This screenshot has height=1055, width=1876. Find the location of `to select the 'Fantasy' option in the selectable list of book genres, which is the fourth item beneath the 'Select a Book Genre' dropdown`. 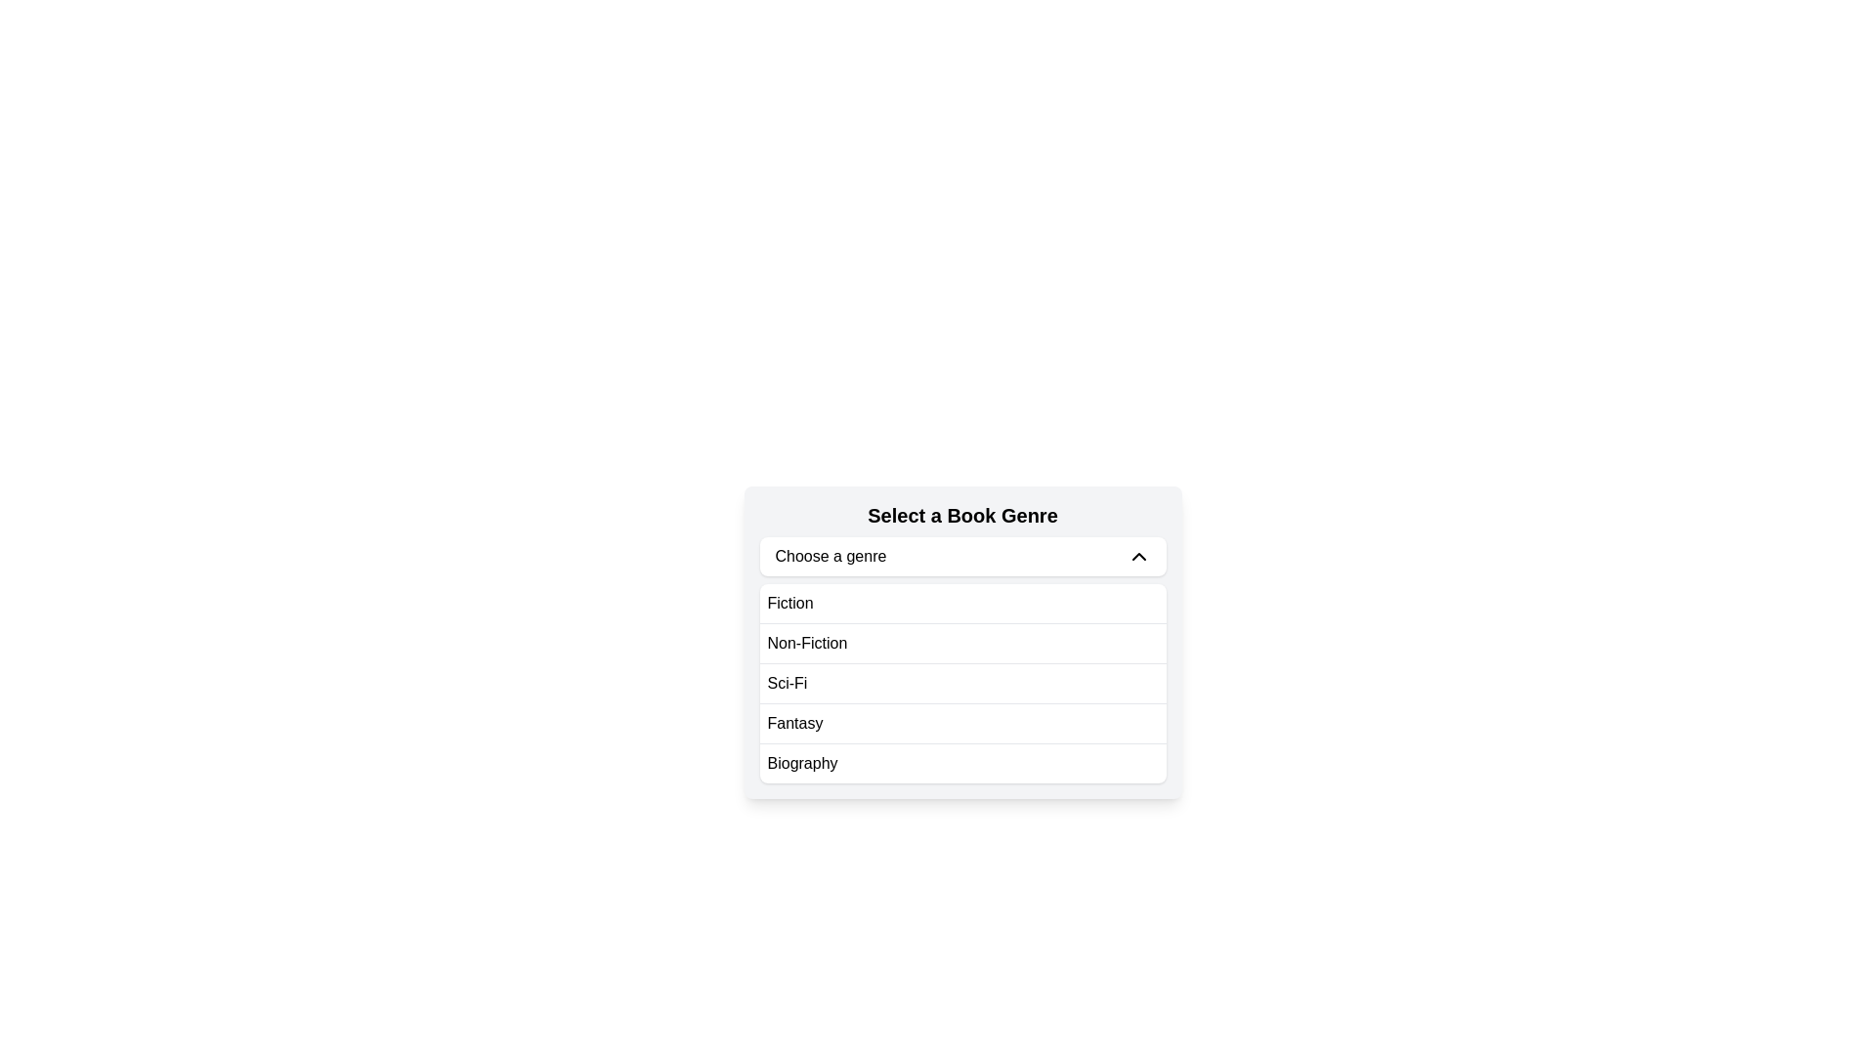

to select the 'Fantasy' option in the selectable list of book genres, which is the fourth item beneath the 'Select a Book Genre' dropdown is located at coordinates (962, 723).